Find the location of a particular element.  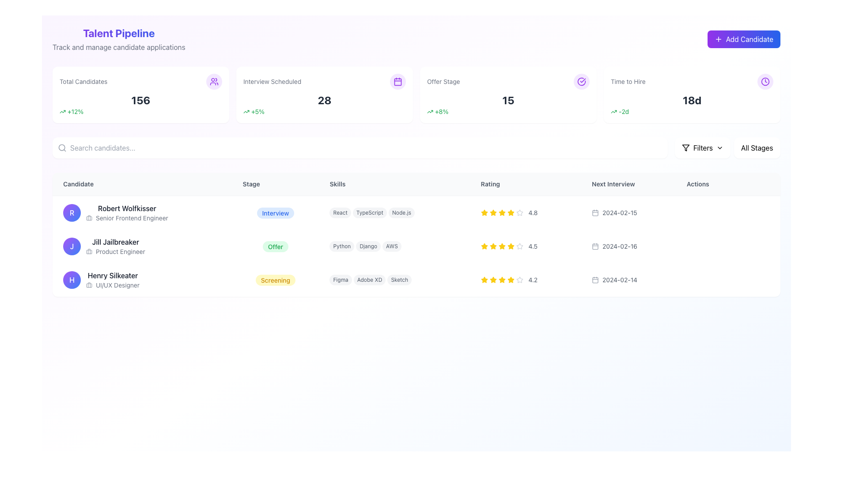

the rounded rectangular badge with a light blue background and blue text 'Interview' located in the 'Stage' column of the table row for candidate 'Robert Wolfkisser' is located at coordinates (275, 213).